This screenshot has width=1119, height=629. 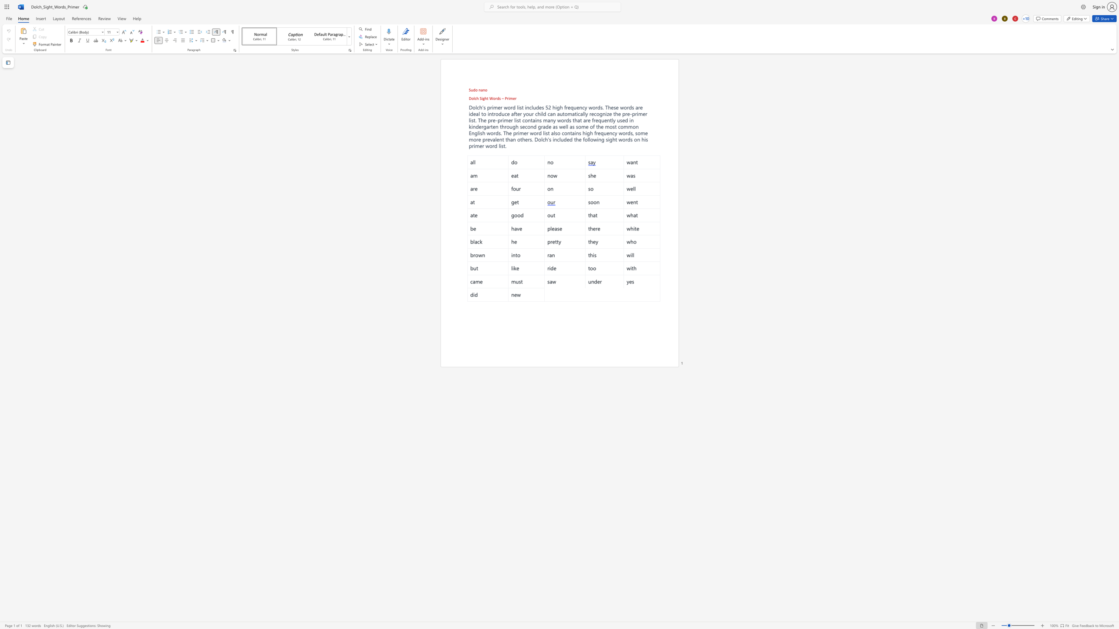 I want to click on the space between the continuous character "a" and "t" in the text, so click(x=579, y=119).